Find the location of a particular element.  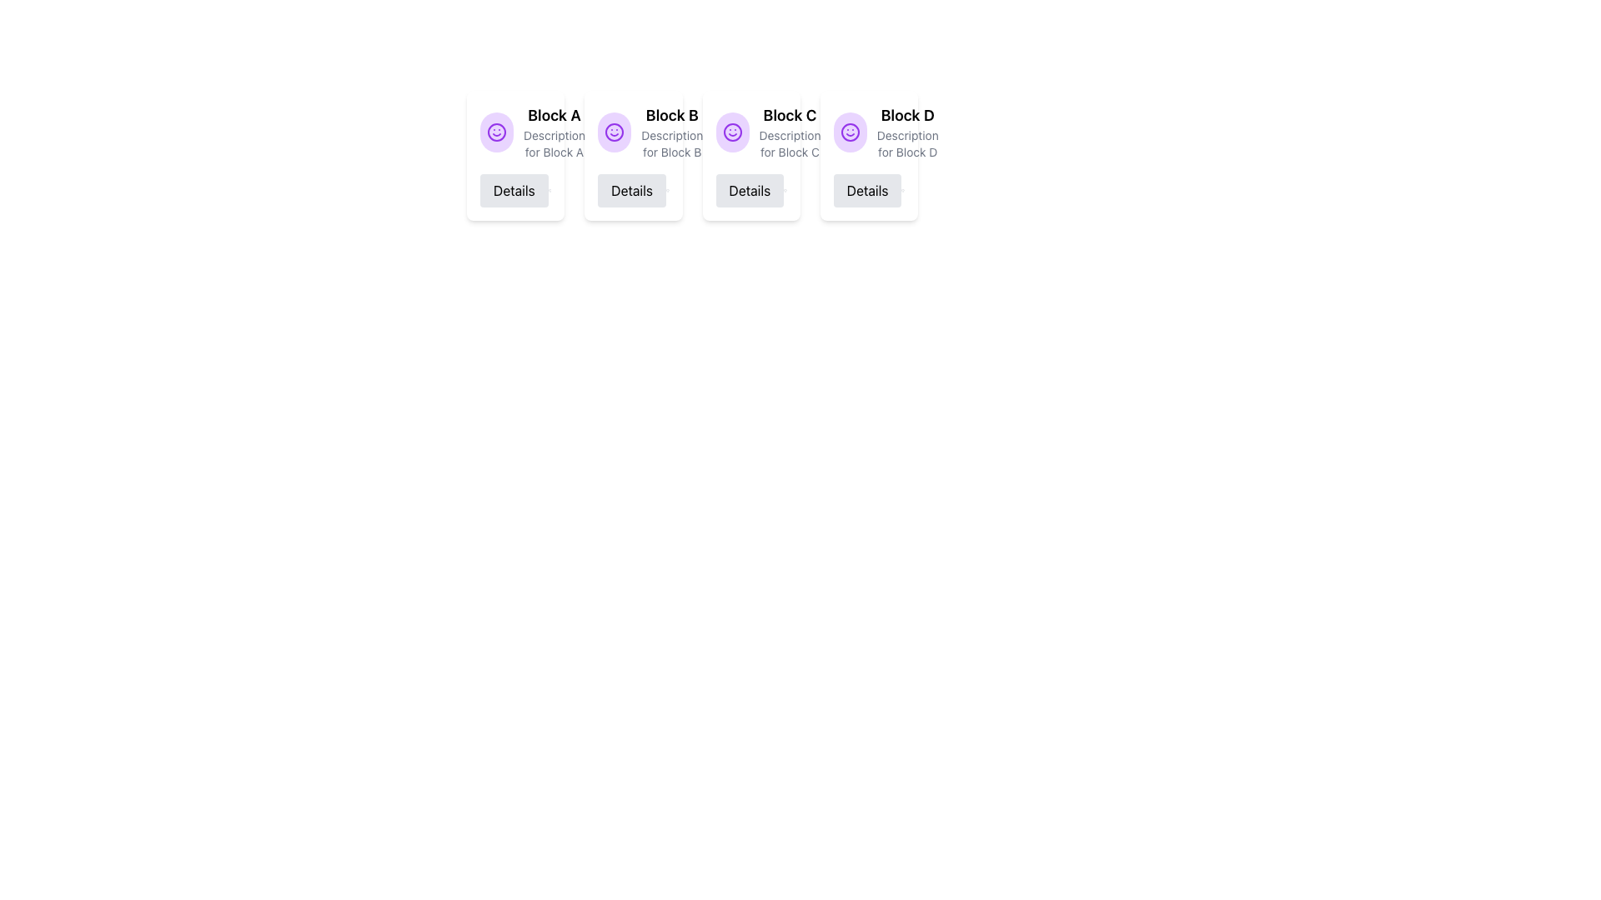

the button located at the bottom of the card labeled 'Block A' is located at coordinates (514, 189).